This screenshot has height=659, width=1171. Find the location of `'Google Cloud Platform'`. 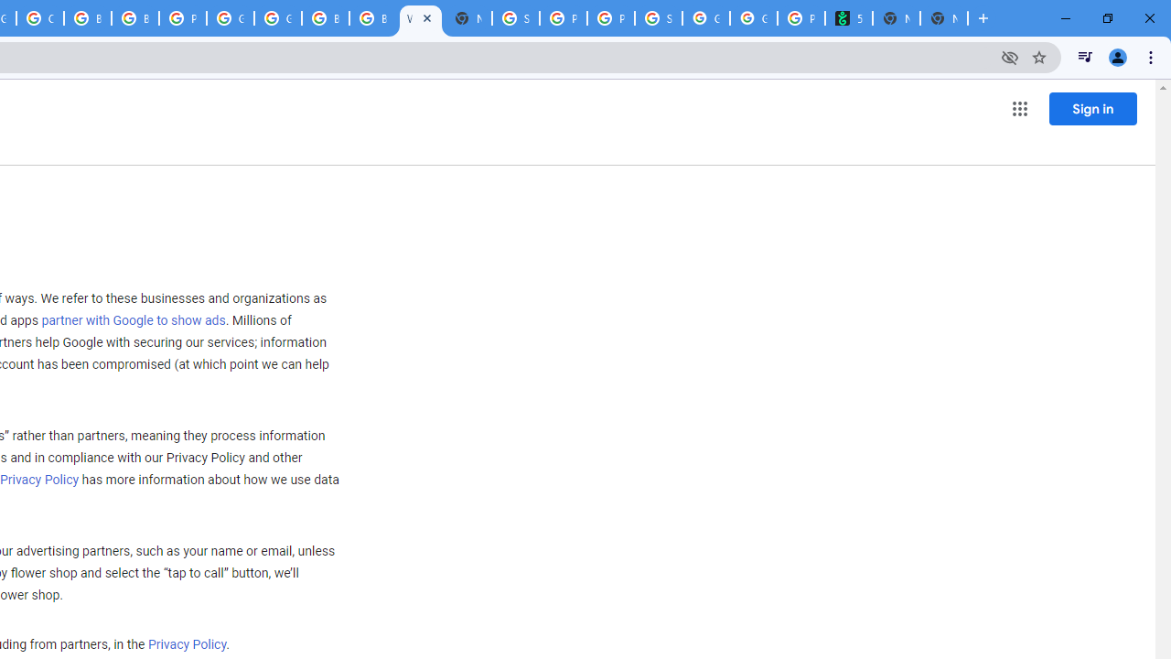

'Google Cloud Platform' is located at coordinates (230, 18).